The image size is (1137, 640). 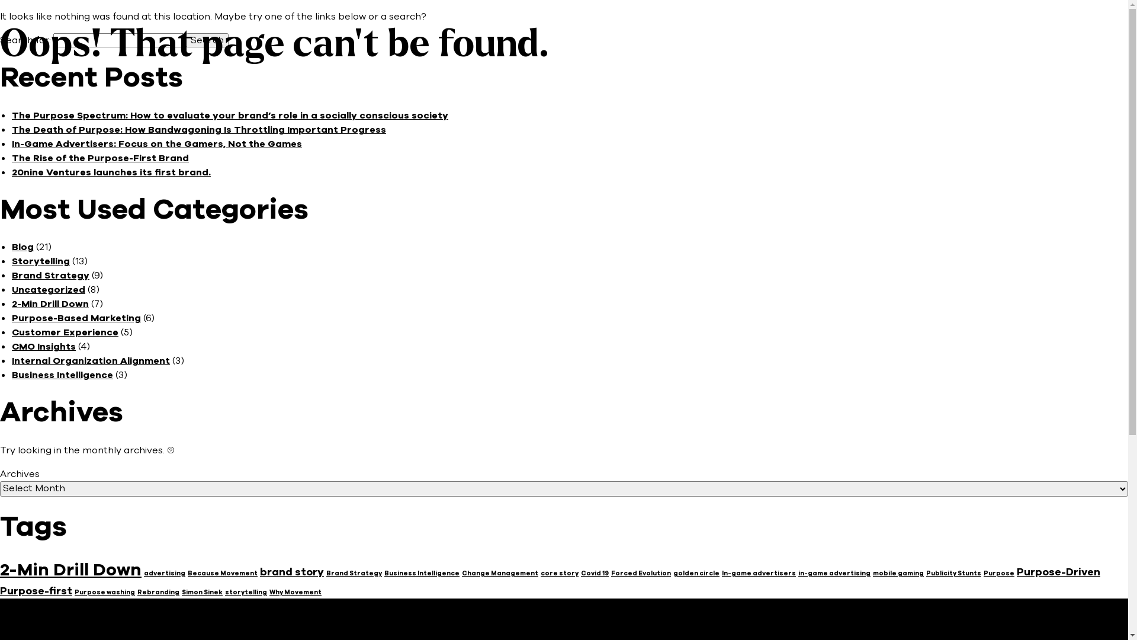 I want to click on 'Why Movement', so click(x=296, y=592).